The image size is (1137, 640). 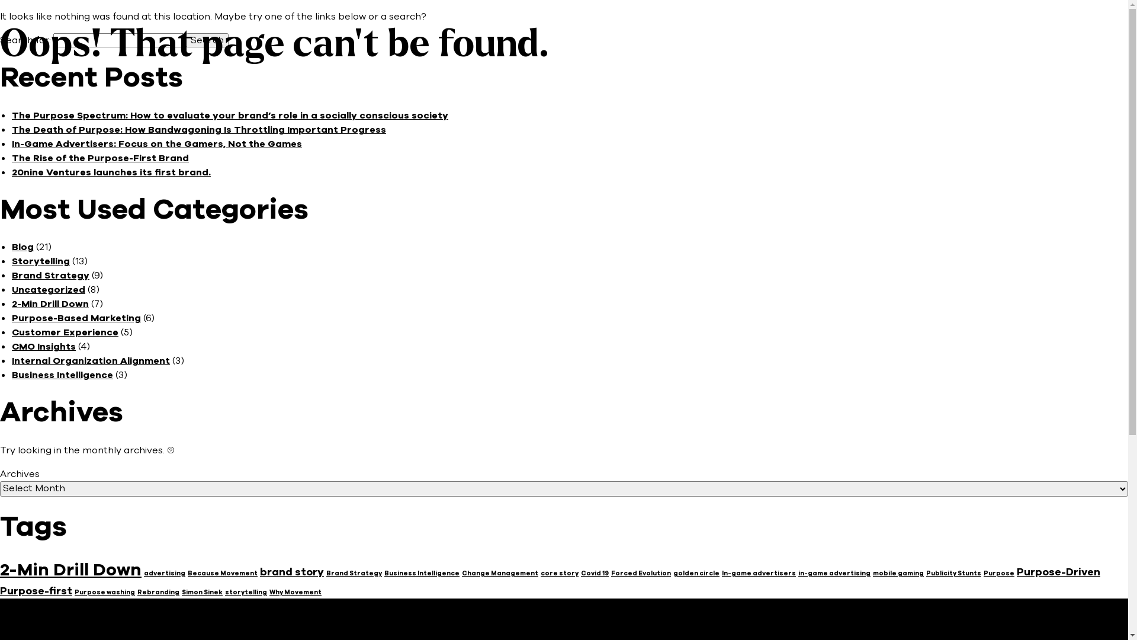 I want to click on 'Why Movement', so click(x=296, y=592).